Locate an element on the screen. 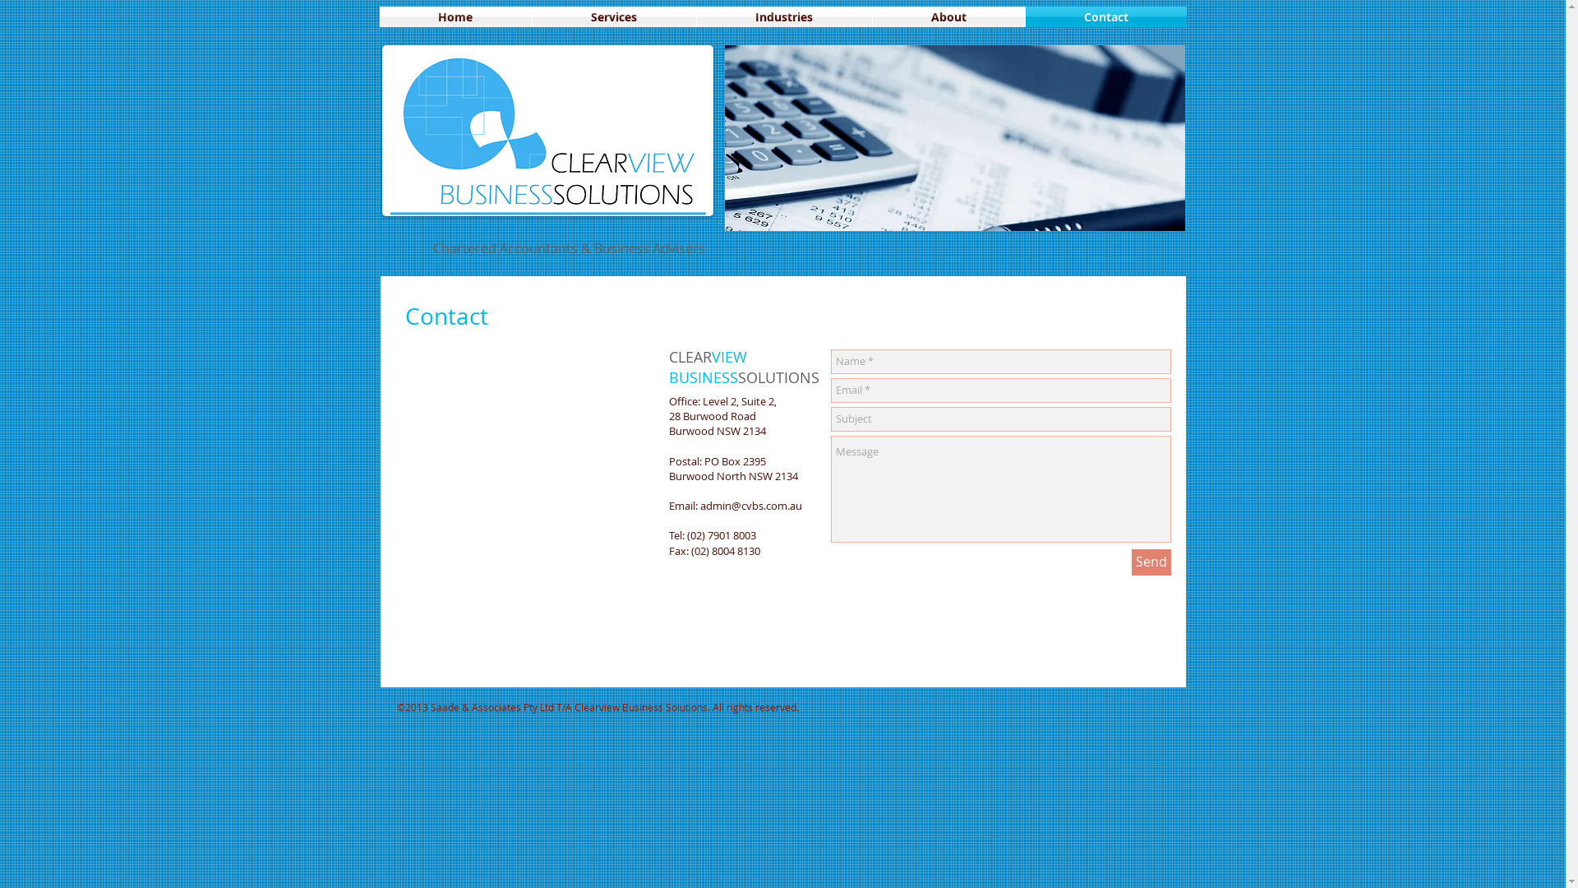 The image size is (1578, 888). 'Industries' is located at coordinates (783, 16).